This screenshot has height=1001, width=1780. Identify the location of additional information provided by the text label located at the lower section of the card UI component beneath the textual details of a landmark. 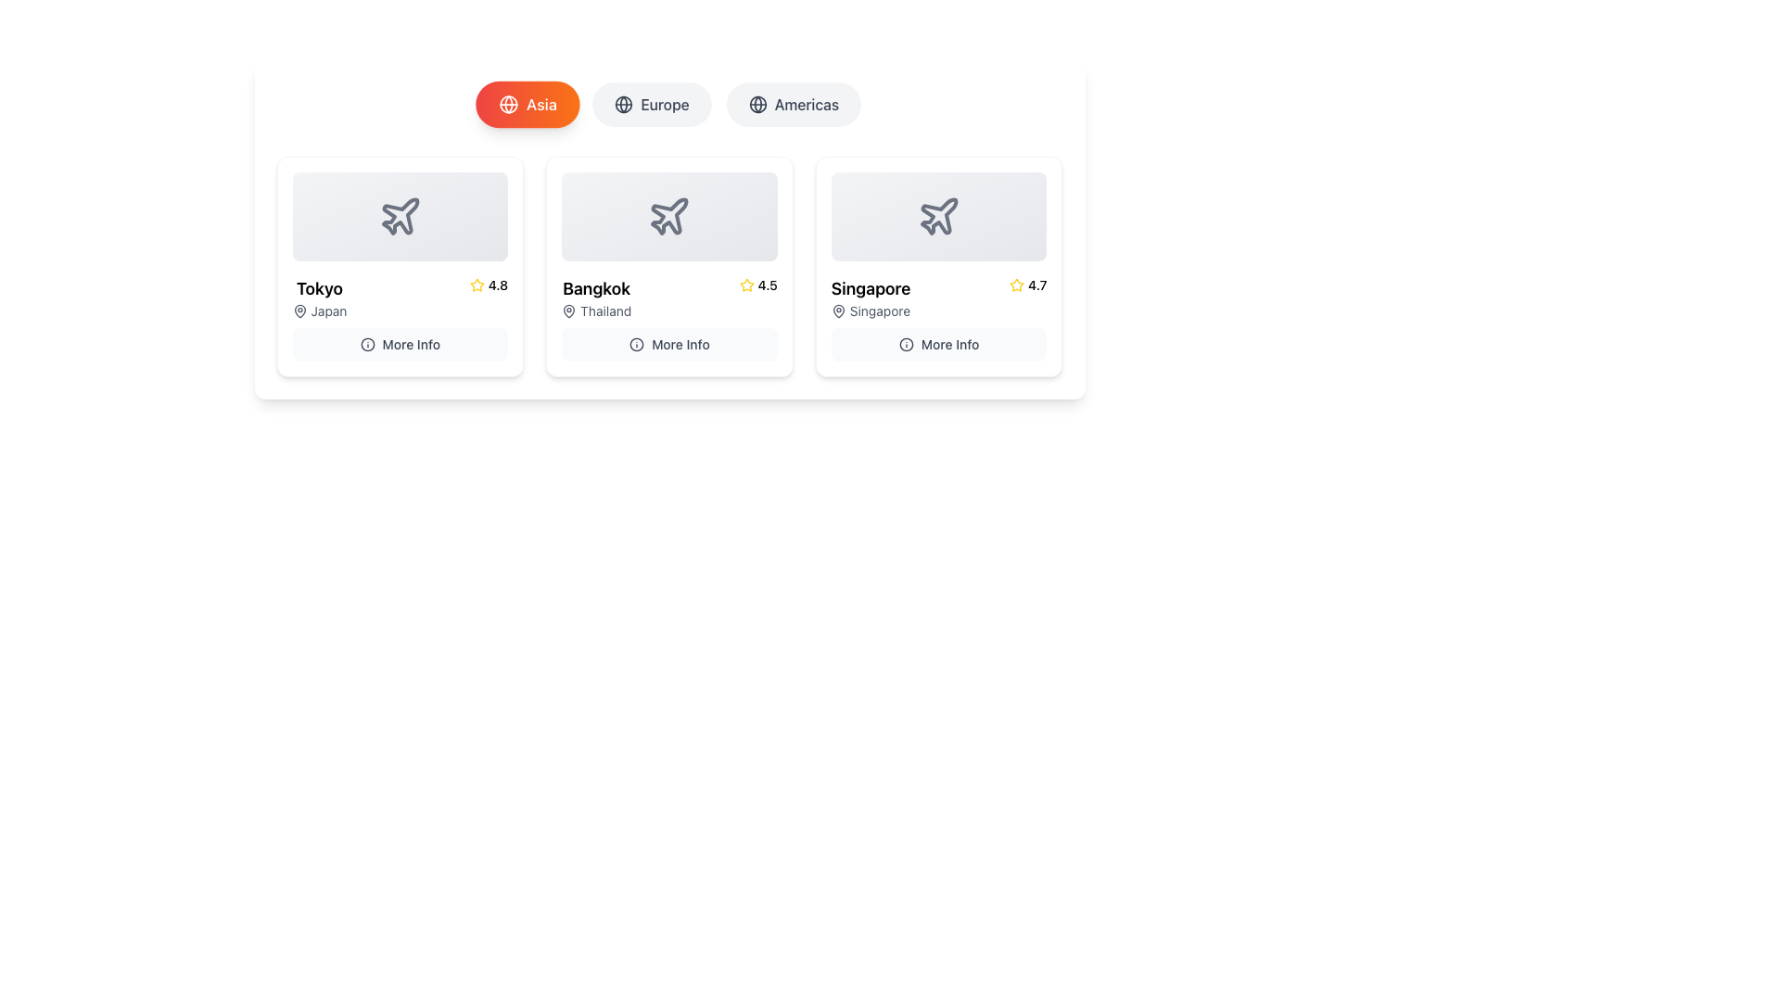
(410, 344).